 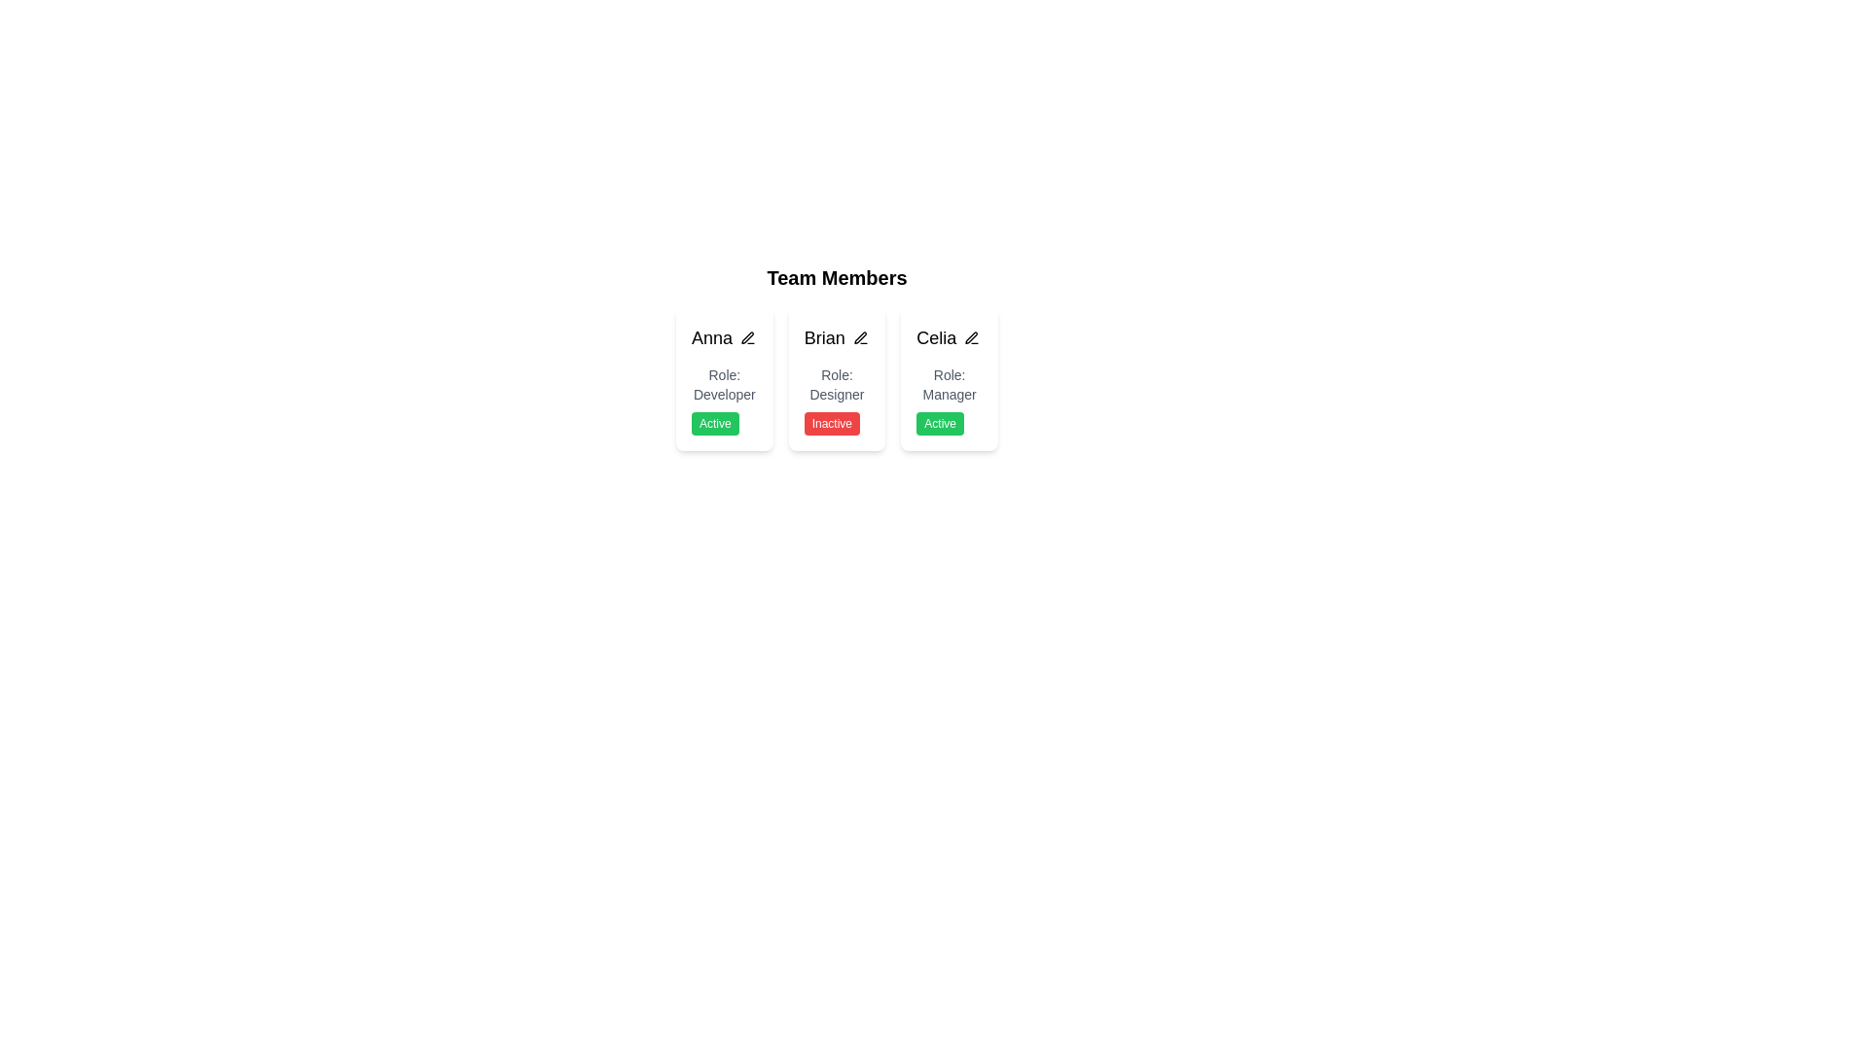 I want to click on the card component displaying the title 'Brian', which is the second card in a grid layout under 'Team Members', so click(x=837, y=357).